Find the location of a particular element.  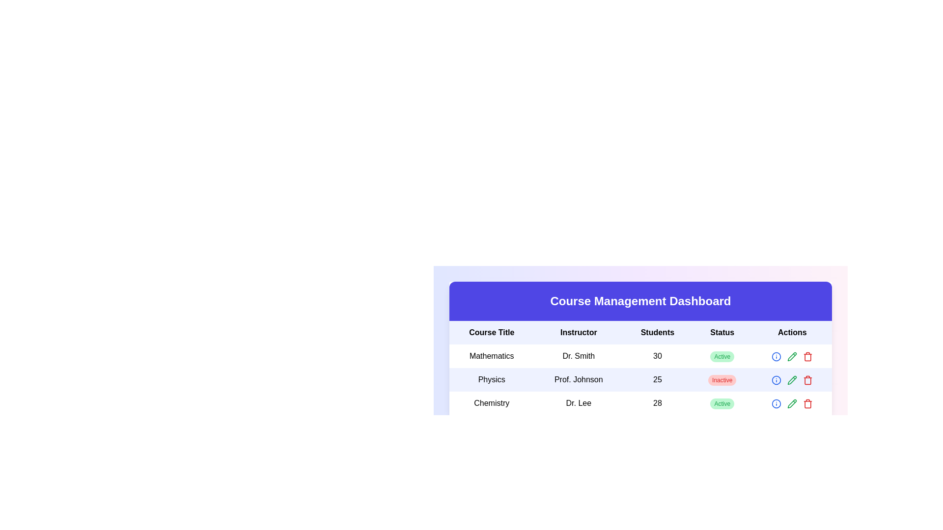

the red trash can icon button in the Actions column of the data table is located at coordinates (808, 356).